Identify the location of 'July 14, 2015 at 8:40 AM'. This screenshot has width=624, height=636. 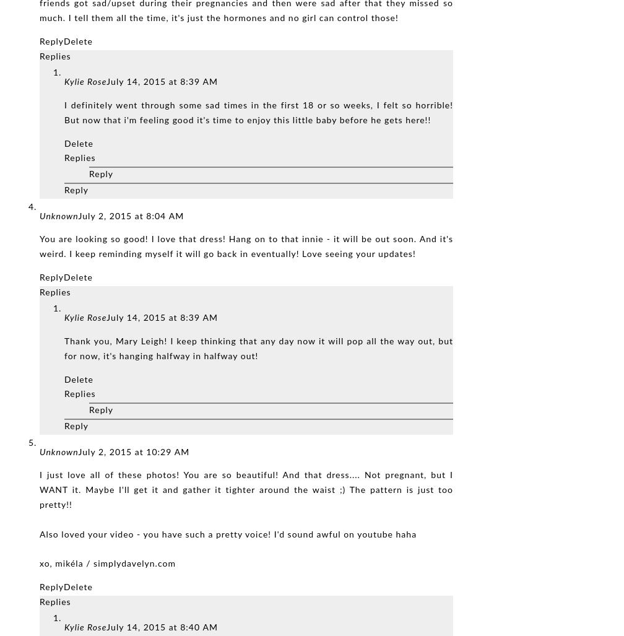
(162, 627).